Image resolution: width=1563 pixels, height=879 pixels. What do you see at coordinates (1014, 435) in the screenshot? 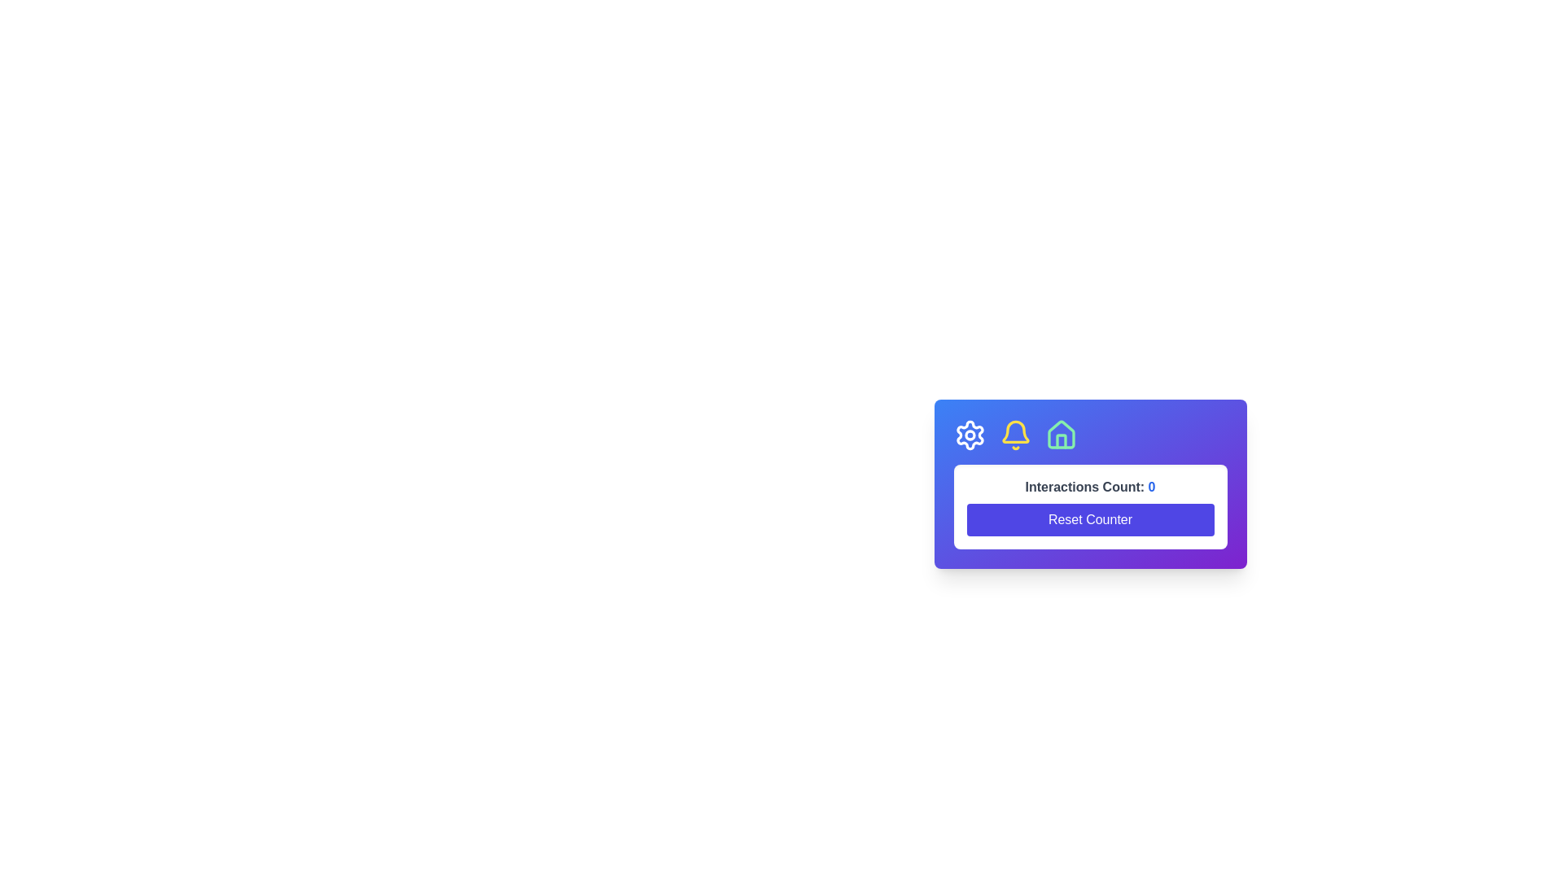
I see `the notification icon located between the settings icon and the home icon` at bounding box center [1014, 435].